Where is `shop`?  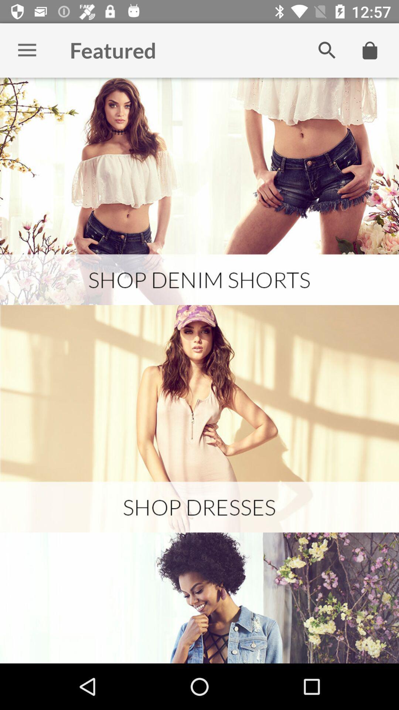
shop is located at coordinates (199, 191).